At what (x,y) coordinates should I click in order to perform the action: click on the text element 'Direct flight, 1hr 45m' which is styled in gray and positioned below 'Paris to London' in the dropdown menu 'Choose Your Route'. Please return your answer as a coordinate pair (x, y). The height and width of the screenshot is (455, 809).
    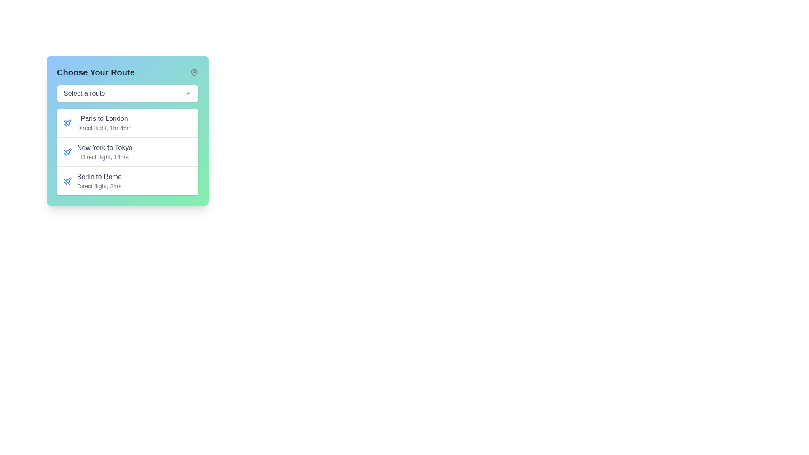
    Looking at the image, I should click on (104, 128).